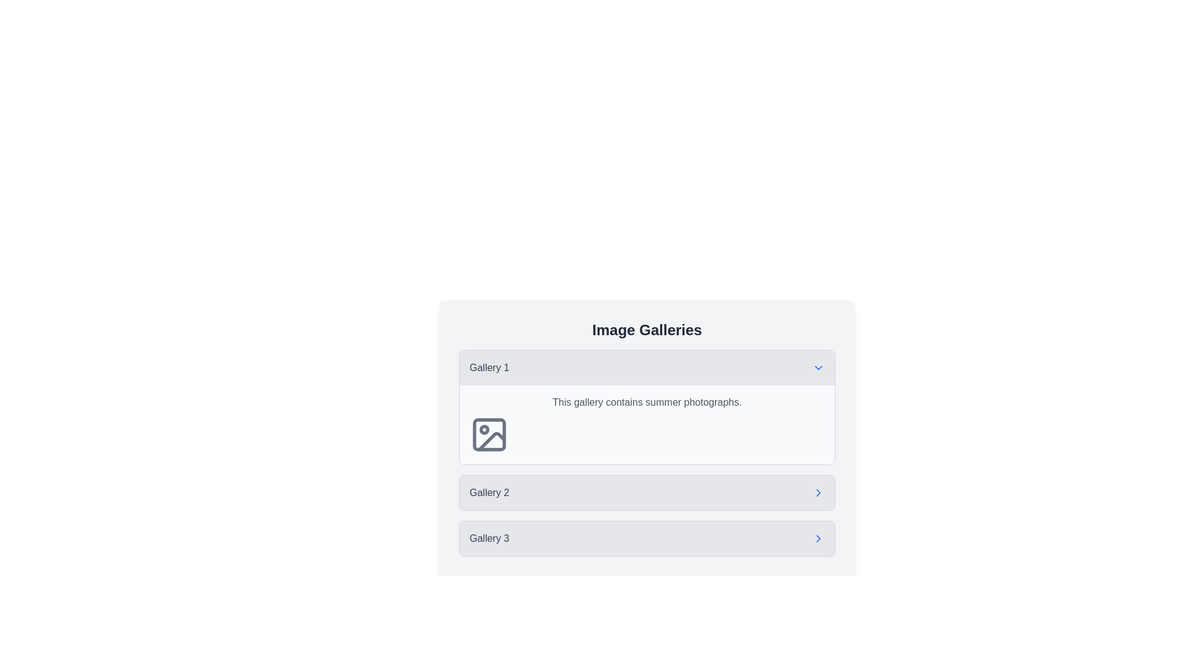 The height and width of the screenshot is (668, 1188). I want to click on the text label reading 'Gallery 2', so click(489, 492).